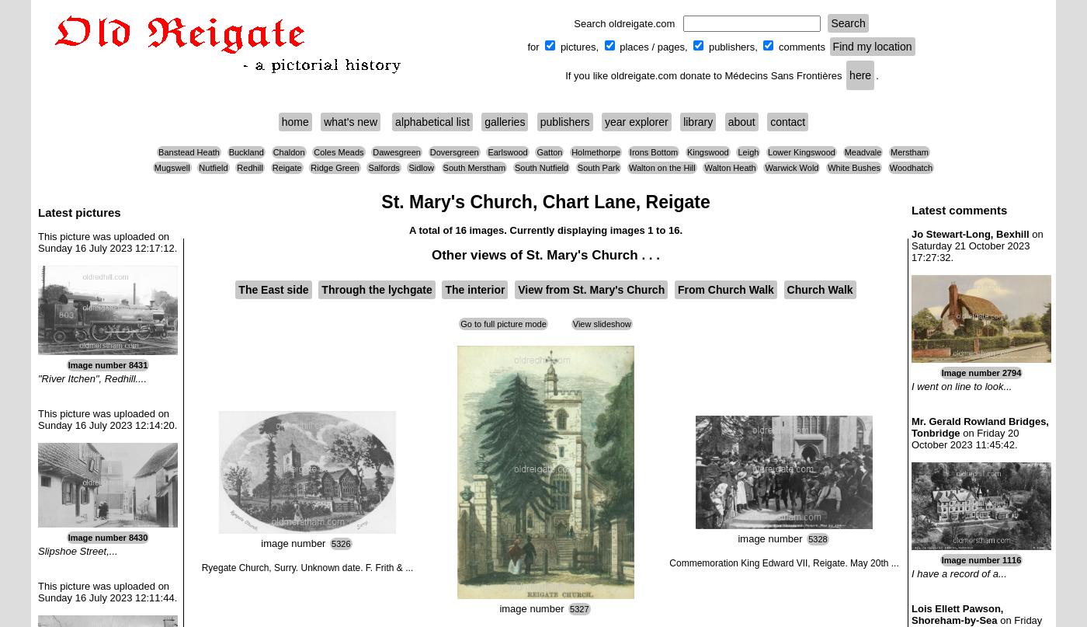  I want to click on 'Sunday 16 July 2023 12:11:44.', so click(107, 597).